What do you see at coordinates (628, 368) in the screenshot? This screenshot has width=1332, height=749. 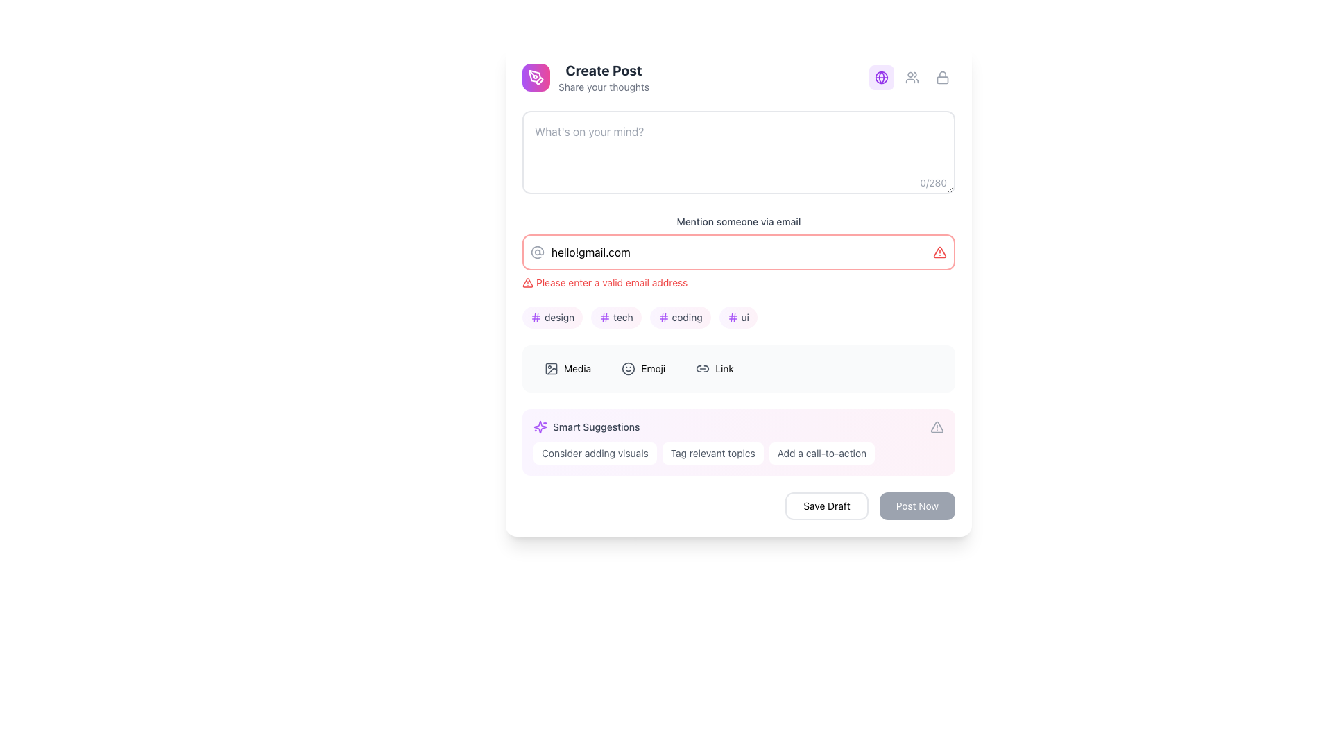 I see `the smiling face emoji icon located near the center-bottom area of the interface` at bounding box center [628, 368].